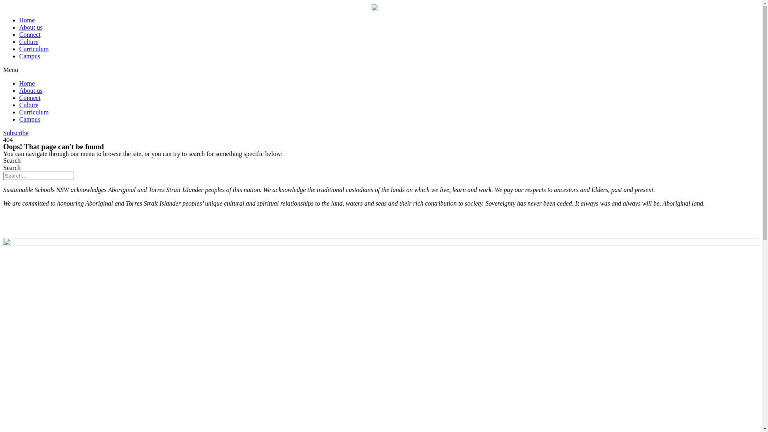 Image resolution: width=768 pixels, height=432 pixels. Describe the element at coordinates (30, 97) in the screenshot. I see `'Connect'` at that location.